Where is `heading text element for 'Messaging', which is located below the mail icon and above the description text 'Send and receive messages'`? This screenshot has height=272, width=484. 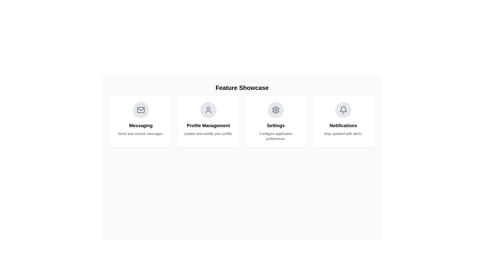
heading text element for 'Messaging', which is located below the mail icon and above the description text 'Send and receive messages' is located at coordinates (141, 125).